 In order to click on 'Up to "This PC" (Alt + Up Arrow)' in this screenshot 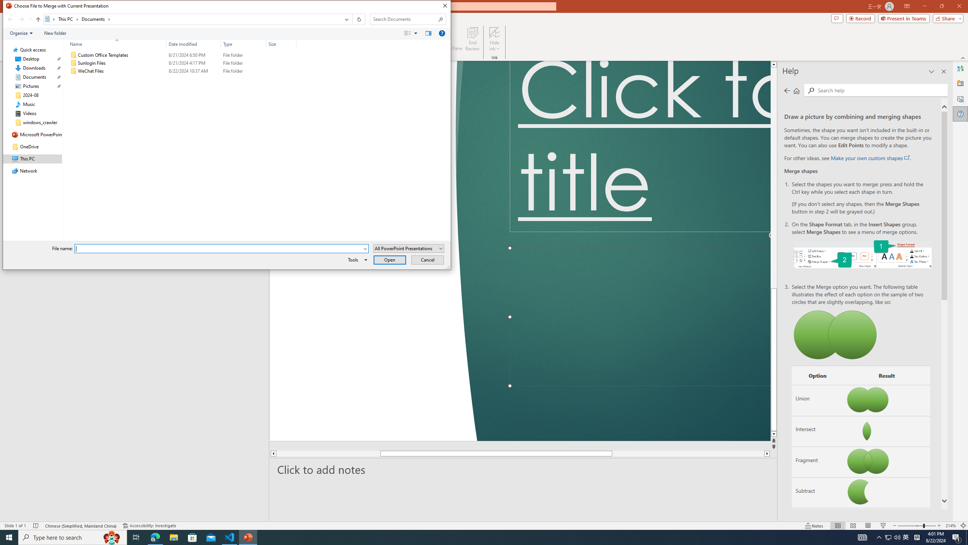, I will do `click(38, 19)`.